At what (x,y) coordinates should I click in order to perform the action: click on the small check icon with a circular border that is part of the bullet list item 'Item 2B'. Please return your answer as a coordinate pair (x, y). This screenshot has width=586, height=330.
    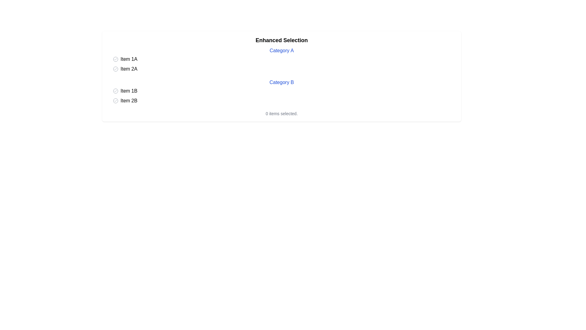
    Looking at the image, I should click on (116, 101).